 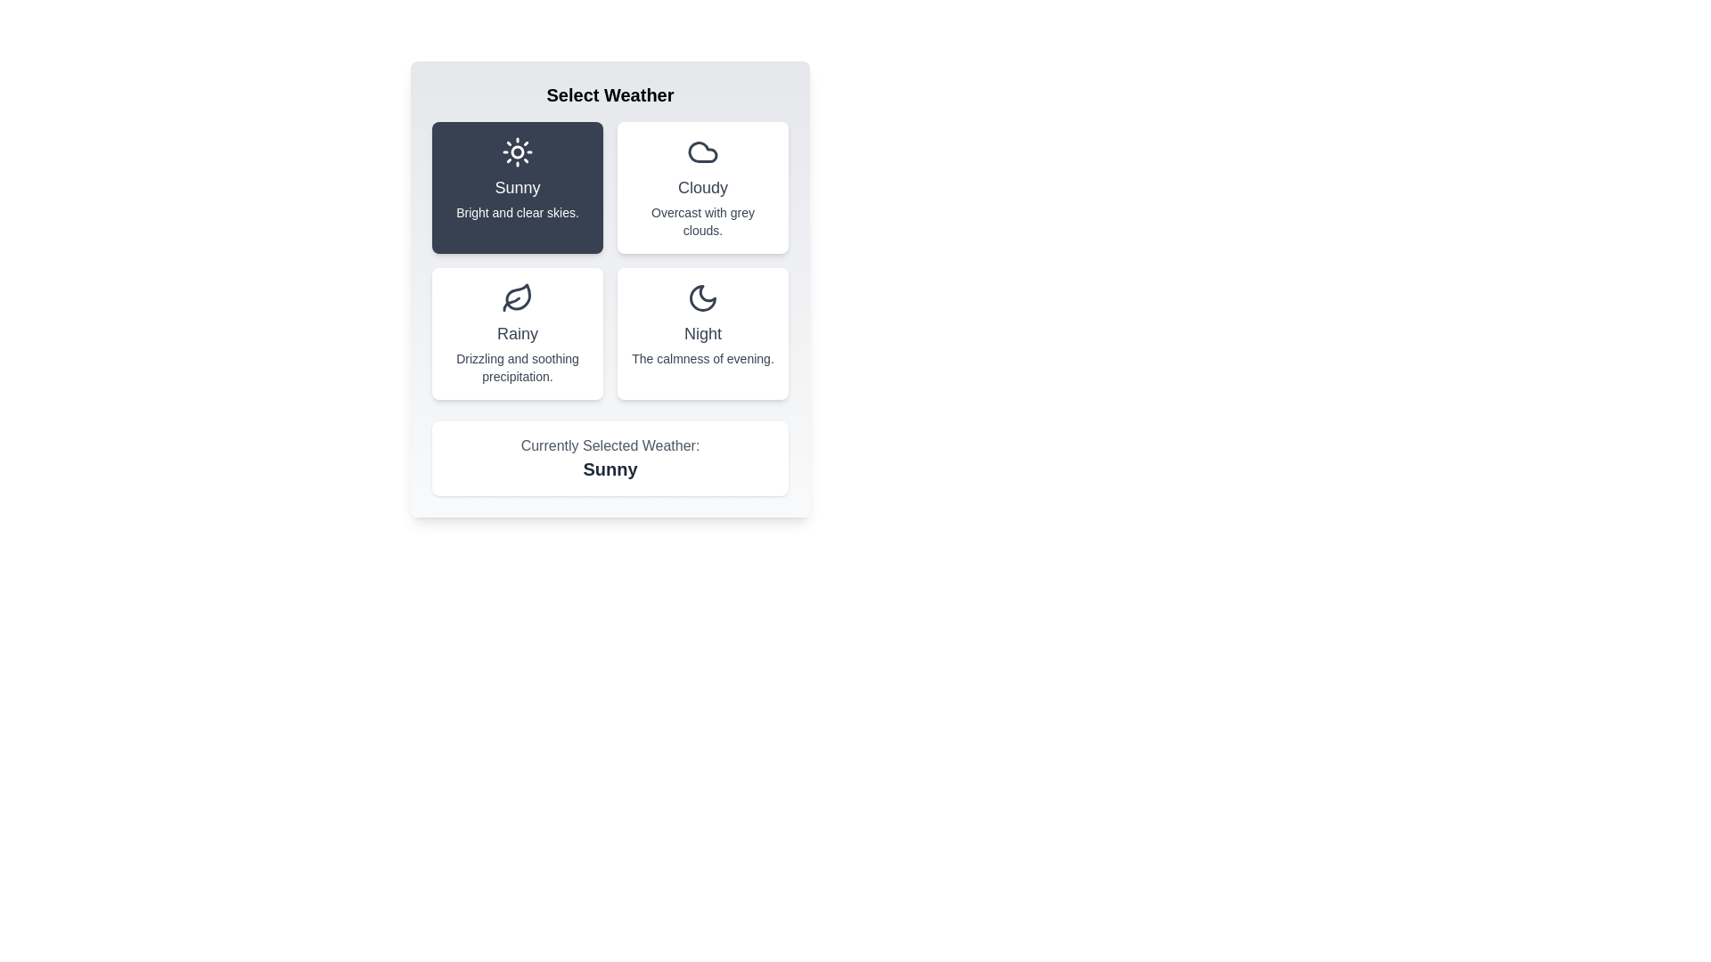 What do you see at coordinates (516, 333) in the screenshot?
I see `the weather button Rainy to observe its hover effect` at bounding box center [516, 333].